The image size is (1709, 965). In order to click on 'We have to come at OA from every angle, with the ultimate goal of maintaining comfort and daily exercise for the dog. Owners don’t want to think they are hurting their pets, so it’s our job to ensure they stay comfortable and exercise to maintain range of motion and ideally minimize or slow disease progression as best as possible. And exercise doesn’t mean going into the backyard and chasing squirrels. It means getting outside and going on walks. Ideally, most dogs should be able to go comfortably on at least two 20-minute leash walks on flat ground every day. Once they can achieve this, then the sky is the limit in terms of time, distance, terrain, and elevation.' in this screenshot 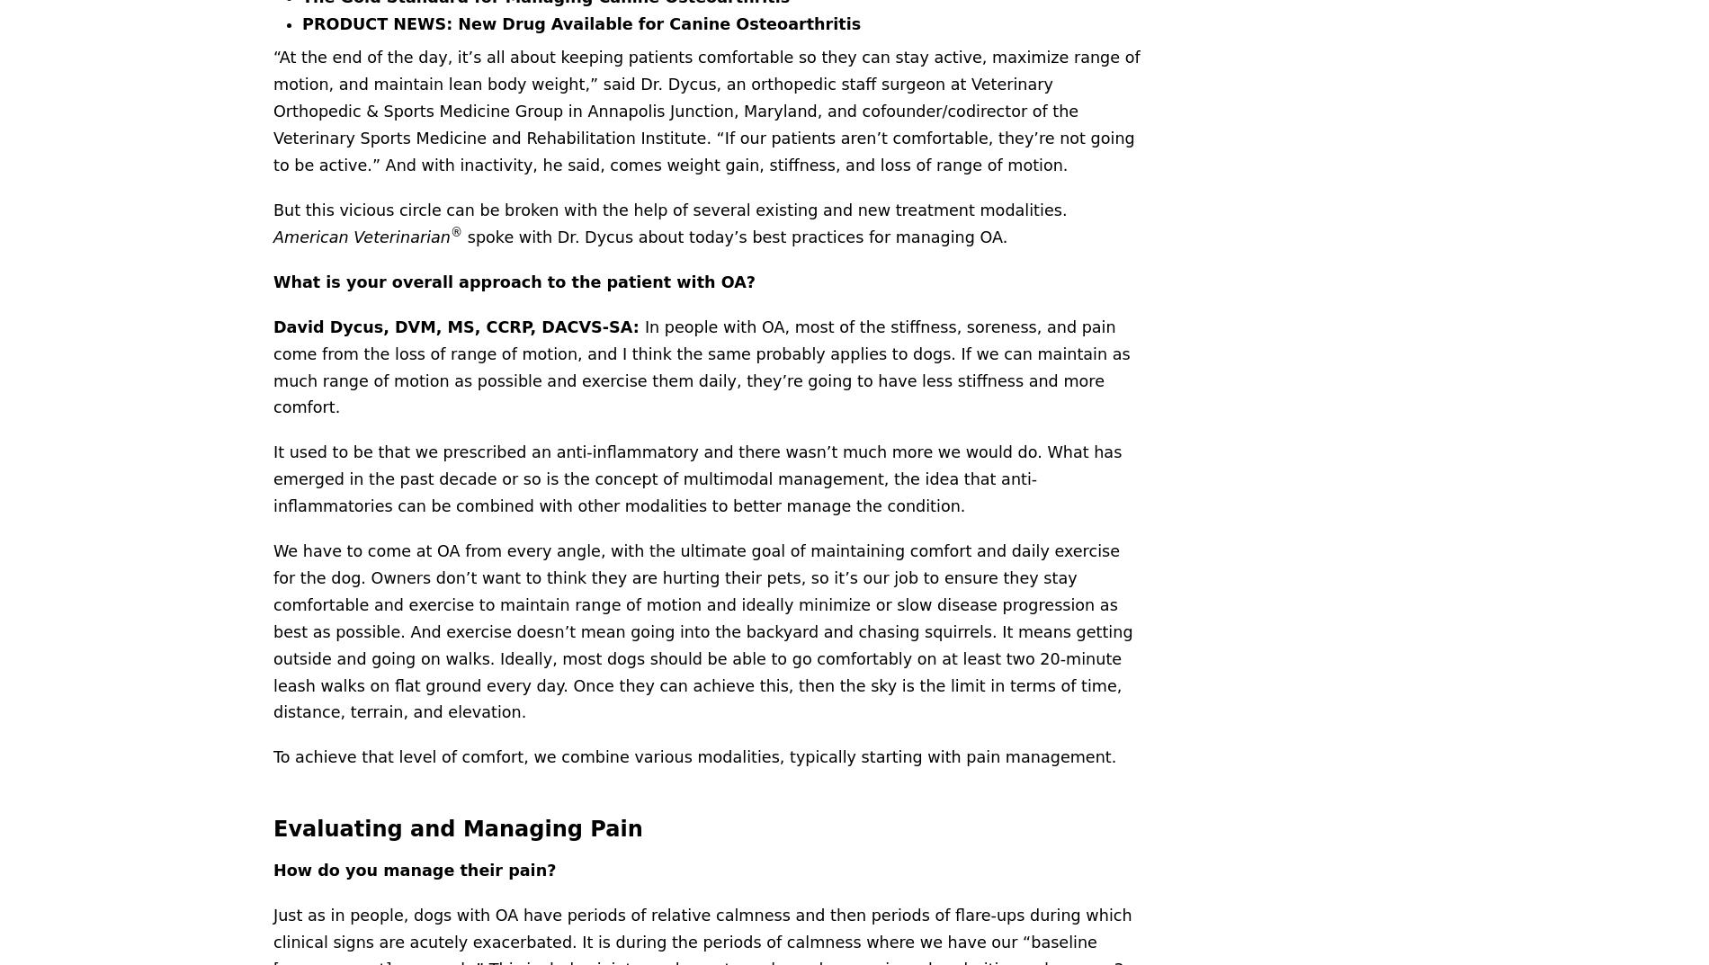, I will do `click(273, 631)`.